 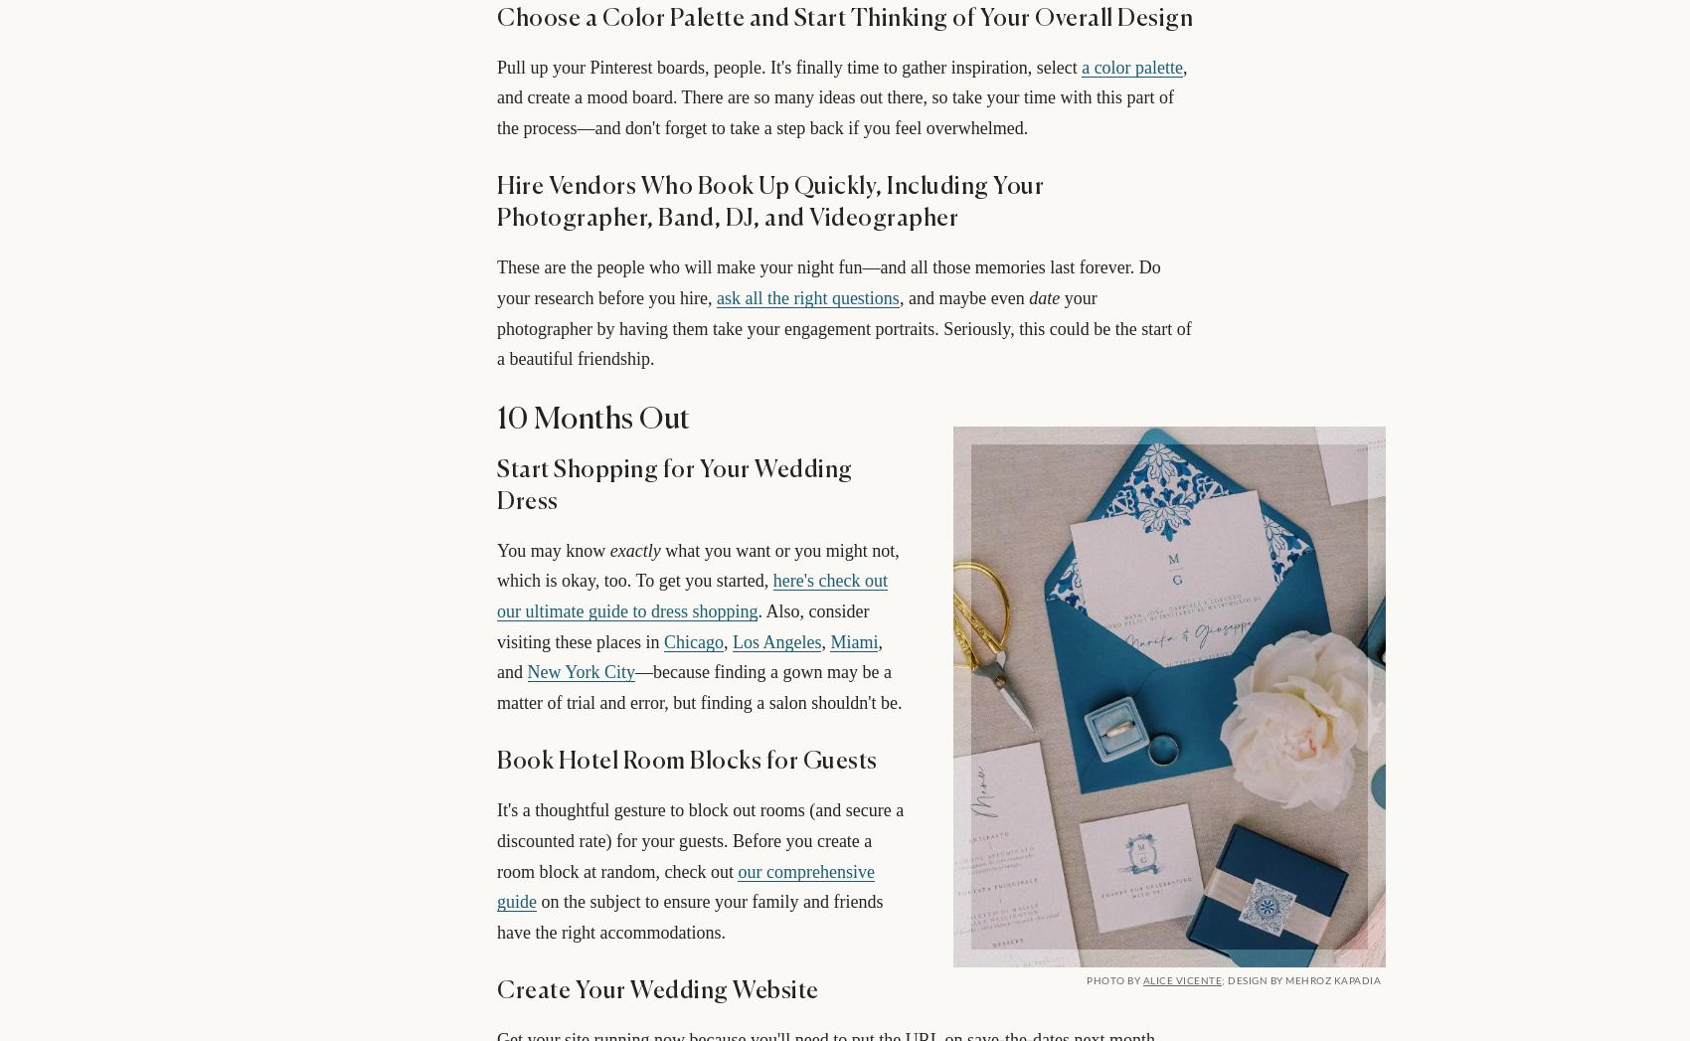 I want to click on ', and create a mood board. There are so many ideas out there, so take your time with this part of the process—and don't forget to take a step back if you feel overwhelmed.', so click(x=840, y=95).